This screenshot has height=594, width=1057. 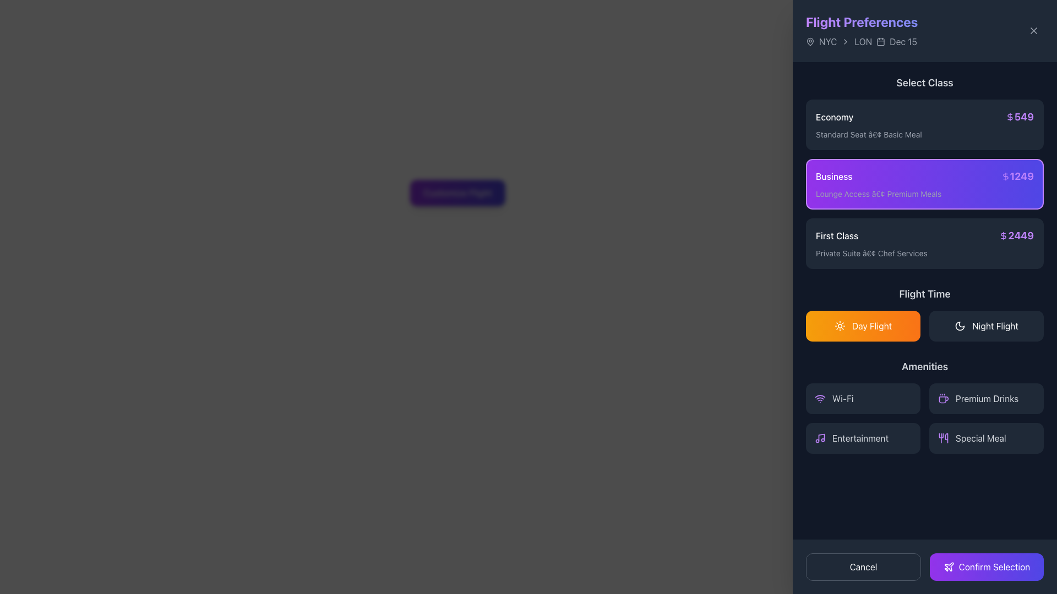 What do you see at coordinates (457, 193) in the screenshot?
I see `the 'Customize Flight' button, which is a prominent rectangular button with a gradient background from purple to indigo, located near the top of the interface` at bounding box center [457, 193].